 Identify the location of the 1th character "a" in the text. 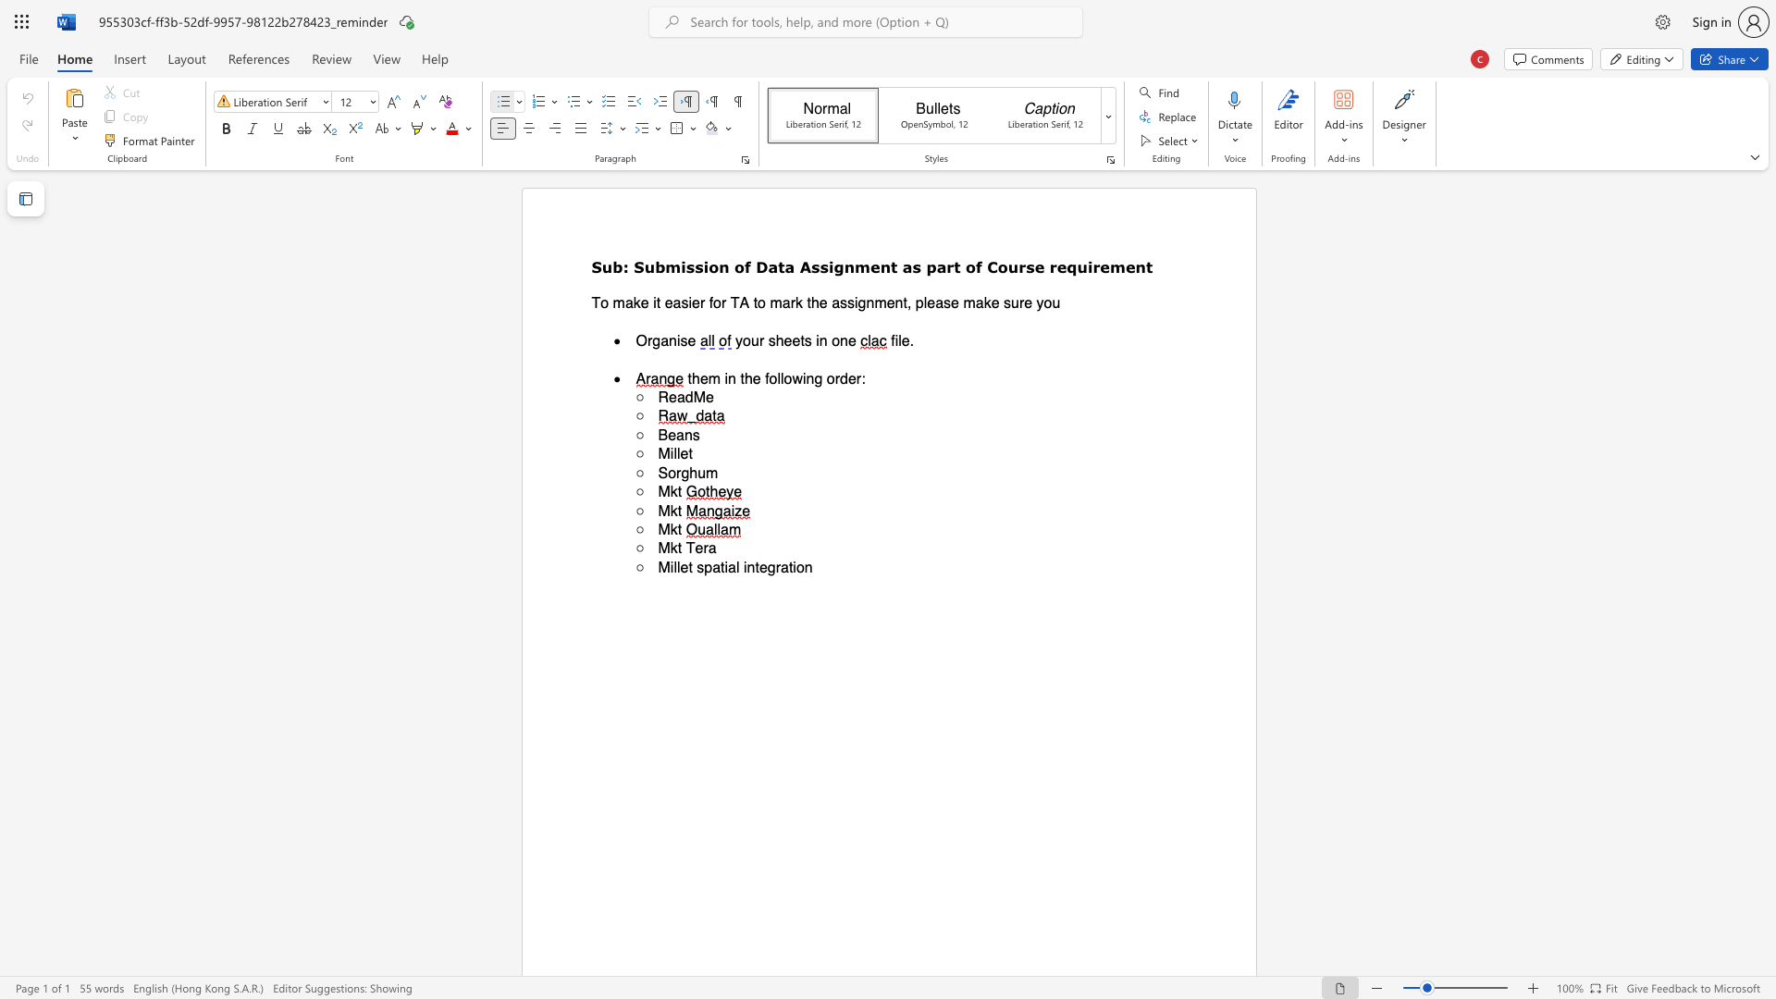
(715, 566).